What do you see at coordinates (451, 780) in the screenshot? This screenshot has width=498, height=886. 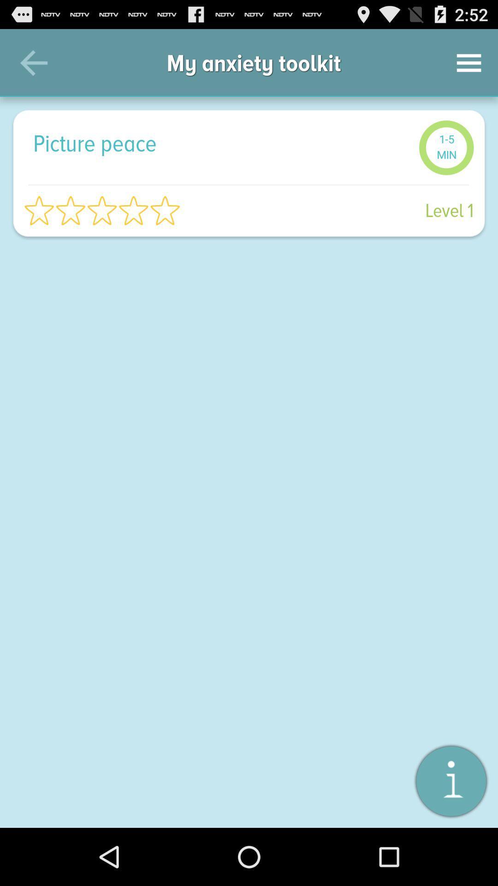 I see `the item below the level 1` at bounding box center [451, 780].